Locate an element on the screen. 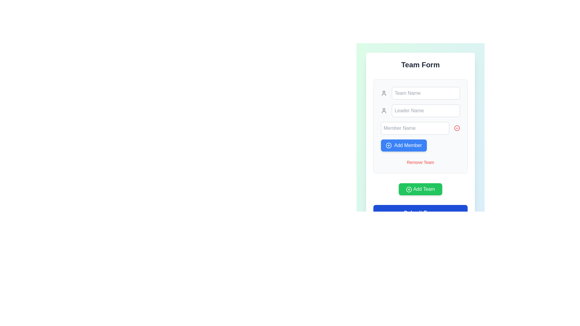 The image size is (580, 326). the clickable text link for 'Remove Team', which is positioned below the 'Add Member' button and above the 'Add Team' button is located at coordinates (420, 162).